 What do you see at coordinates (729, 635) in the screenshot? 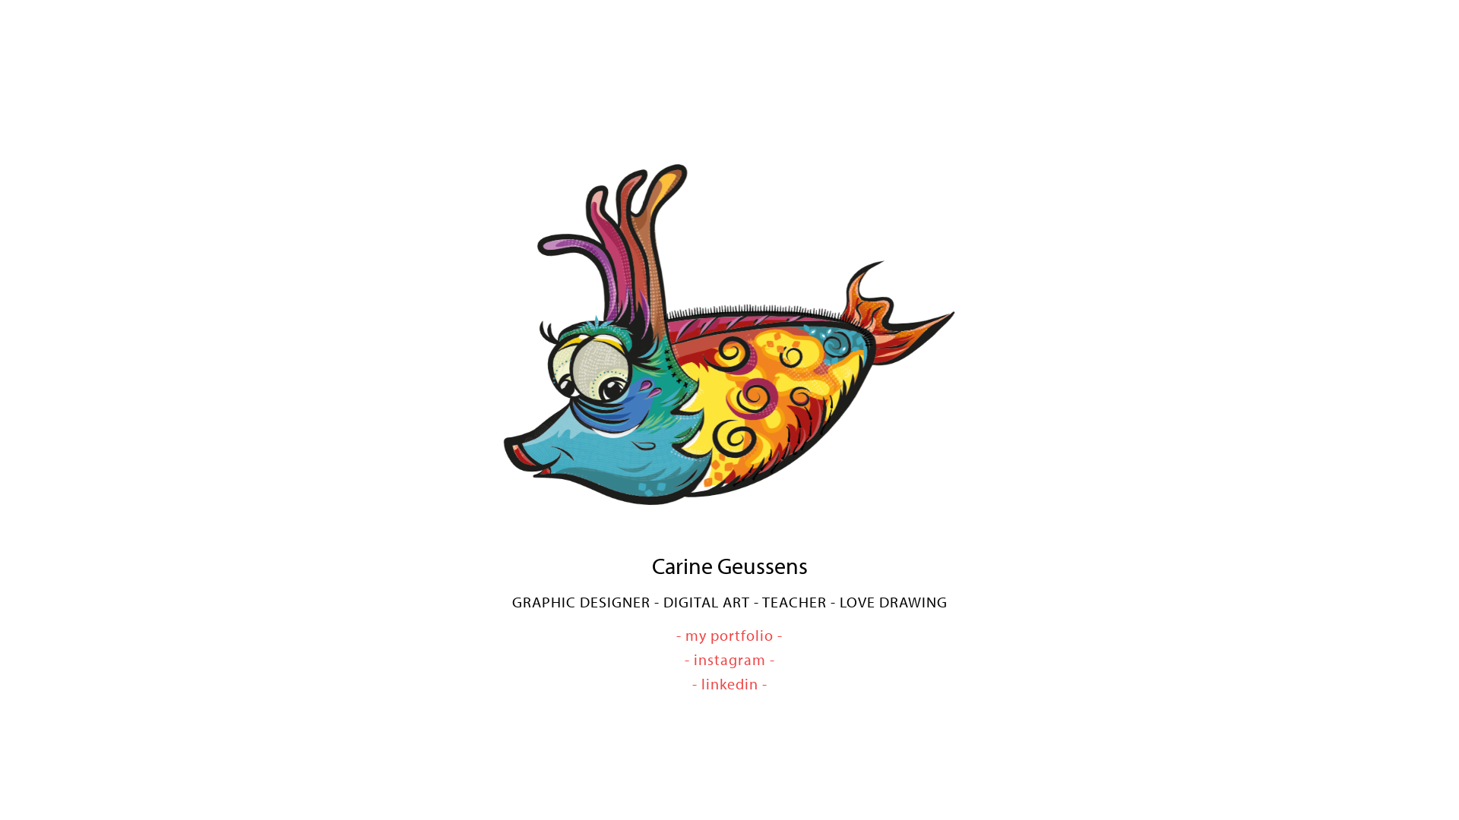
I see `'- my portfolio -'` at bounding box center [729, 635].